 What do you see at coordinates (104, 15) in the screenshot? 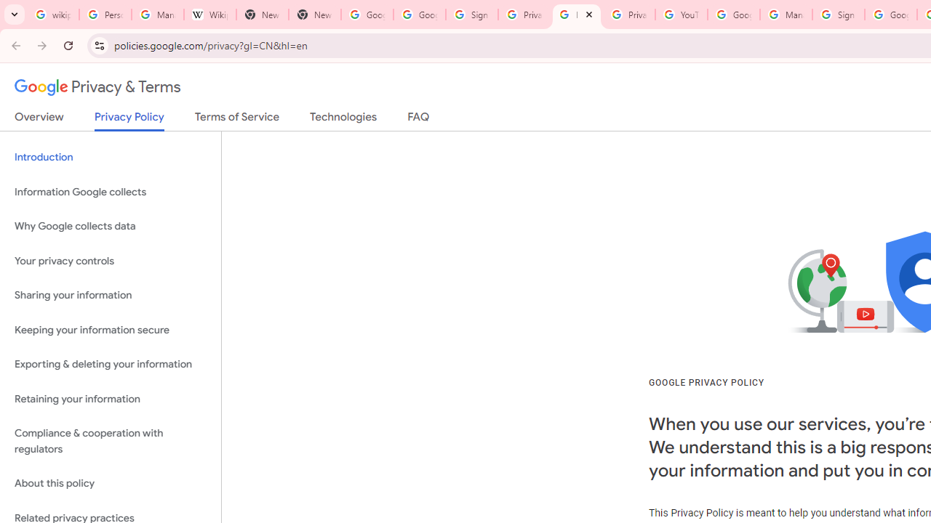
I see `'Personalization & Google Search results - Google Search Help'` at bounding box center [104, 15].